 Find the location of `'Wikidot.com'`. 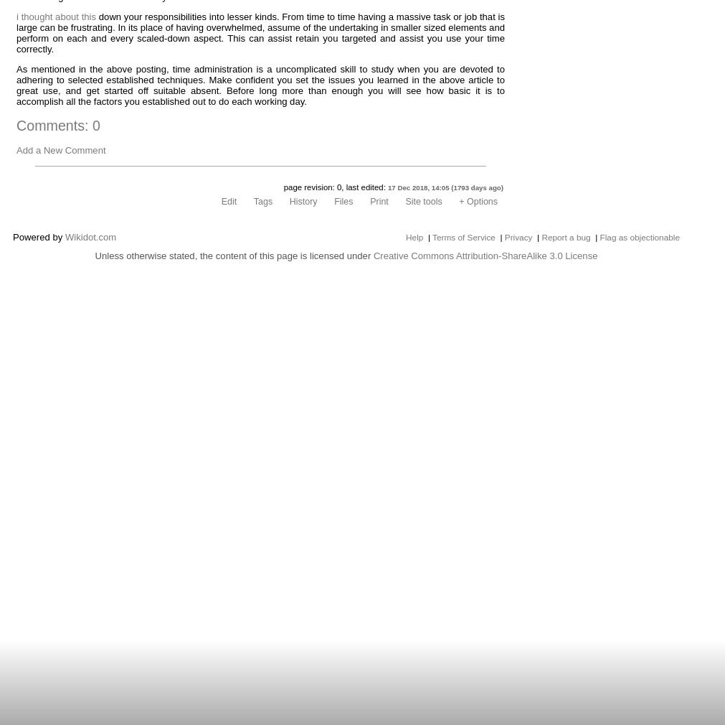

'Wikidot.com' is located at coordinates (89, 237).